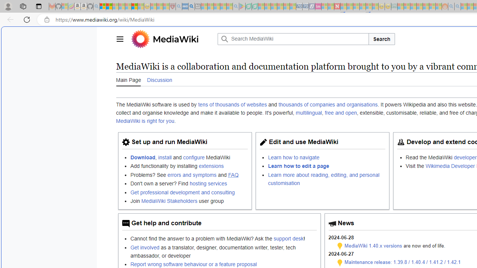  I want to click on 'MediaWiki Stakeholders', so click(169, 200).